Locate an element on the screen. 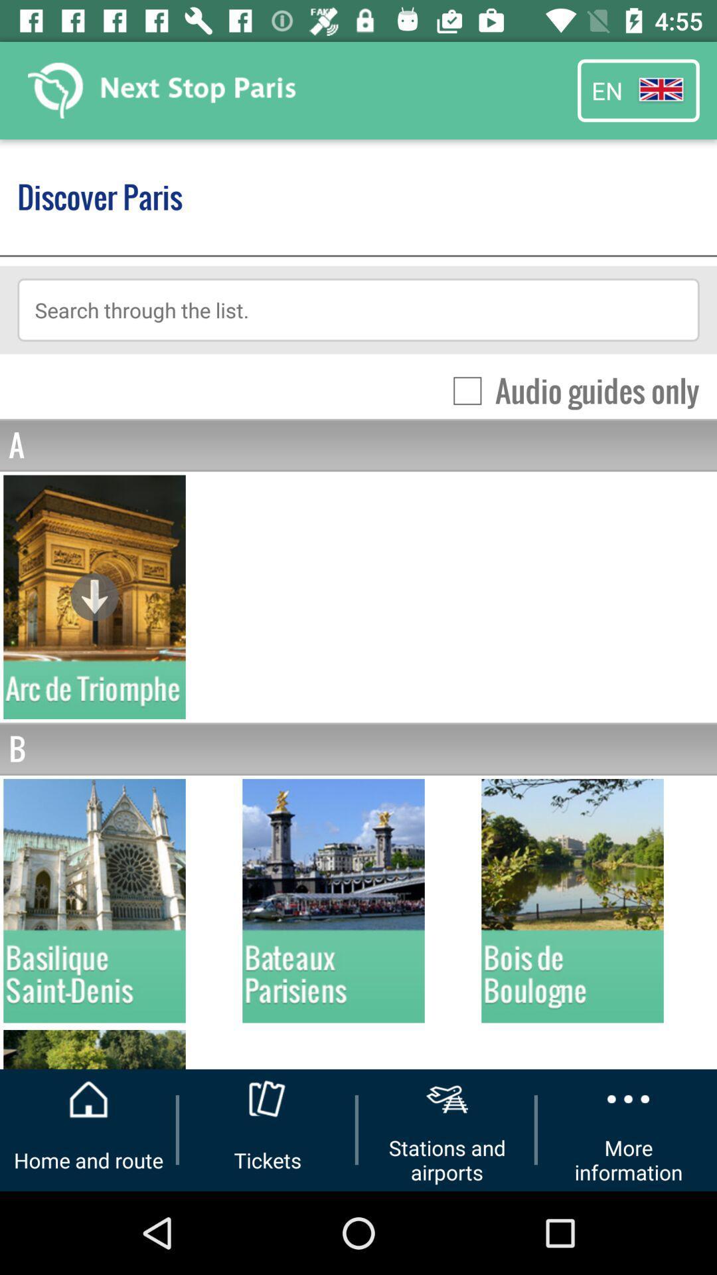  audio guides only item is located at coordinates (568, 390).